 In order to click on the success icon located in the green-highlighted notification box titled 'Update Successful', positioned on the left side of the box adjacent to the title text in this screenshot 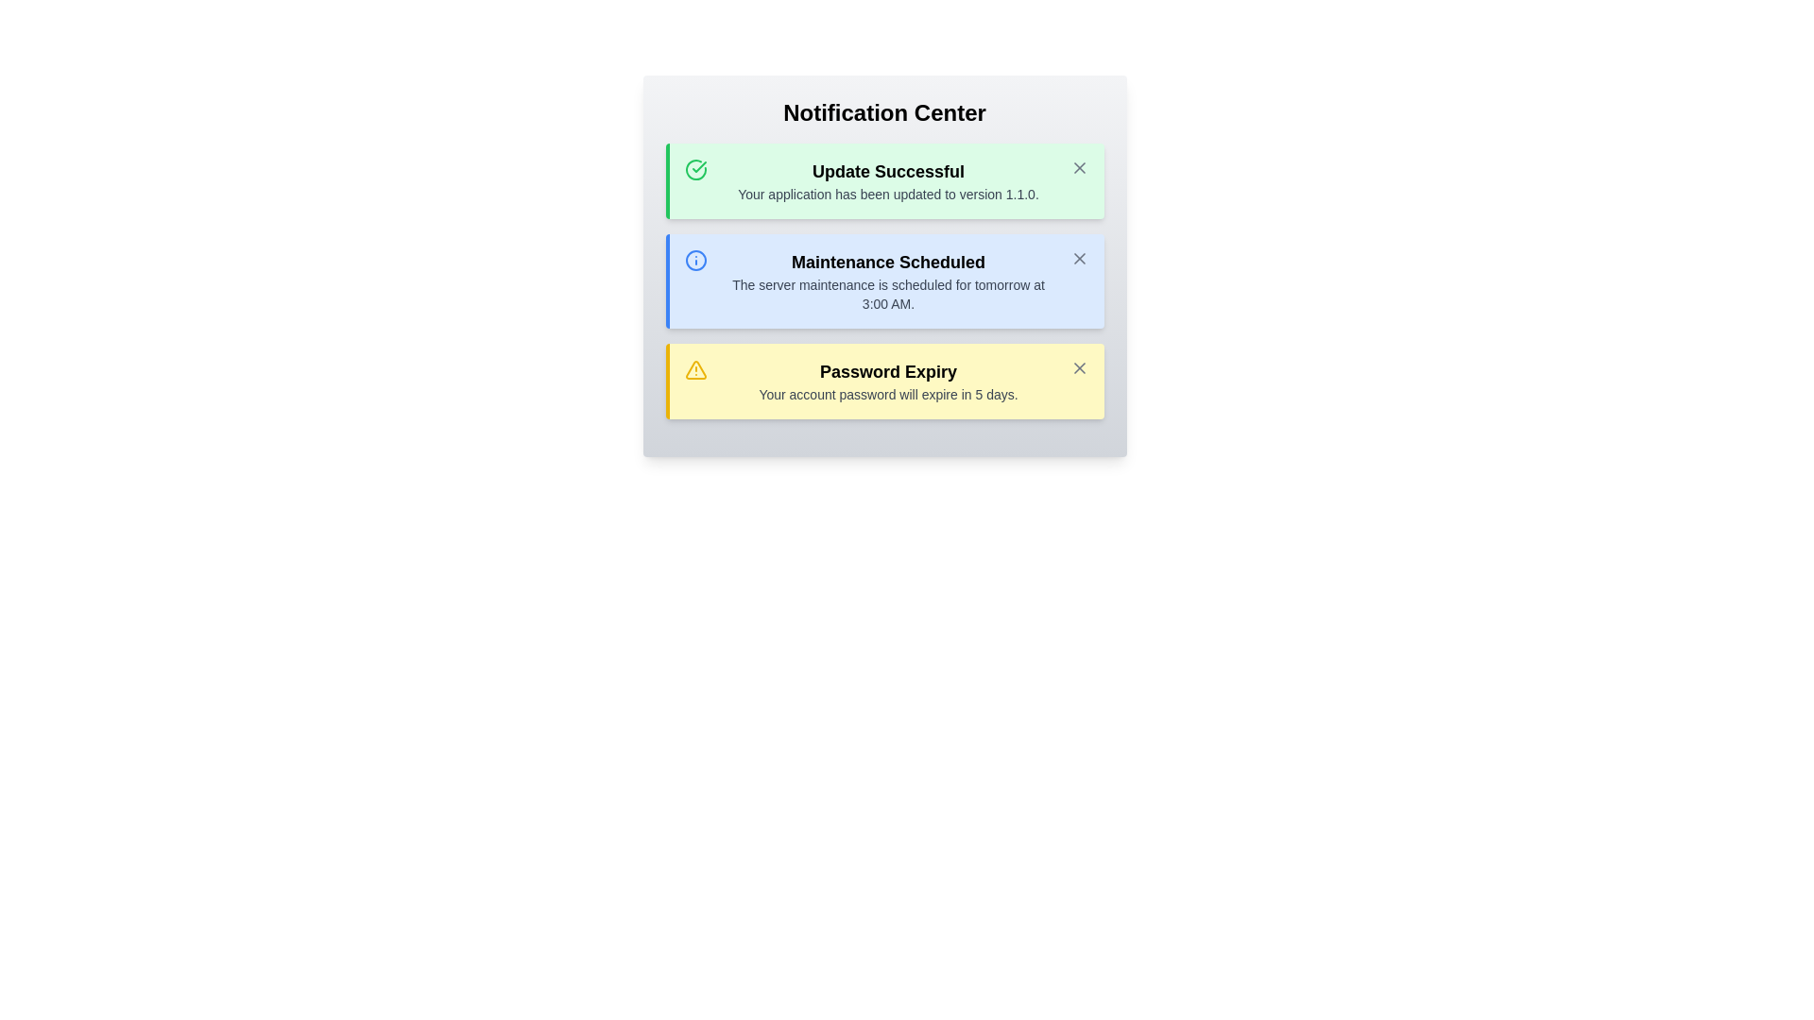, I will do `click(694, 170)`.